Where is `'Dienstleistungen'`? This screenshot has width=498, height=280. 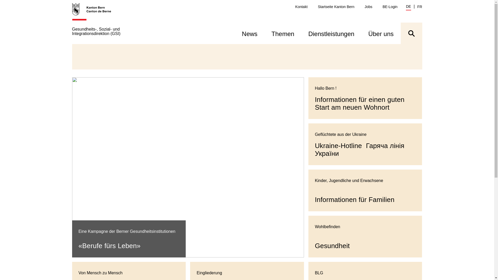 'Dienstleistungen' is located at coordinates (331, 33).